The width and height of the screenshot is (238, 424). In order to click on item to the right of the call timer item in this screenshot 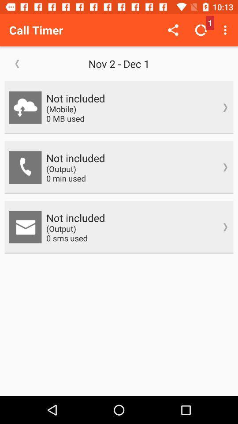, I will do `click(173, 30)`.